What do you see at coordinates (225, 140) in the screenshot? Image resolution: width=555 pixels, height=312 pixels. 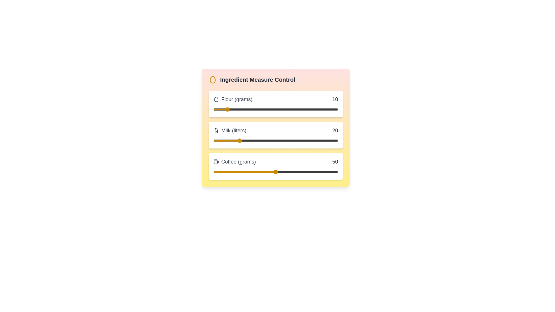 I see `the milk quantity` at bounding box center [225, 140].